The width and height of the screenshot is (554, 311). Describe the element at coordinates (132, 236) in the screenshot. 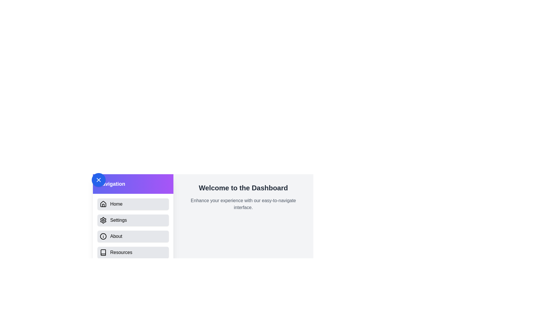

I see `the menu item labeled About from the drawer` at that location.